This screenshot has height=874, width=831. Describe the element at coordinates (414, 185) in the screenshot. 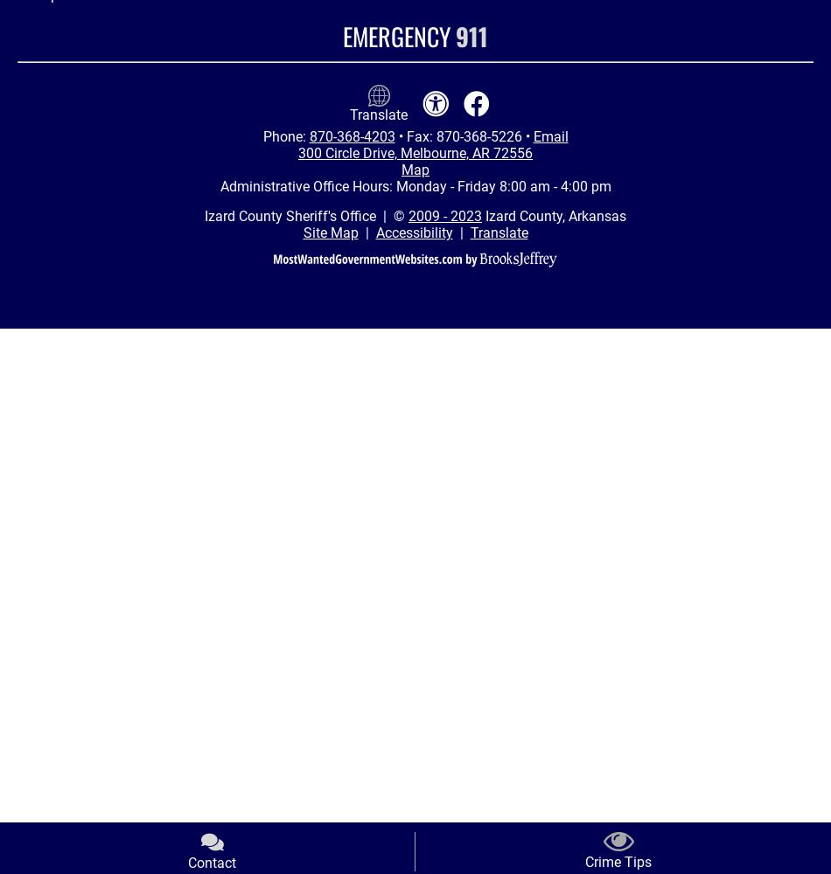

I see `'Administrative Office Hours: Monday - Friday 8:00 am - 4:00 pm'` at that location.